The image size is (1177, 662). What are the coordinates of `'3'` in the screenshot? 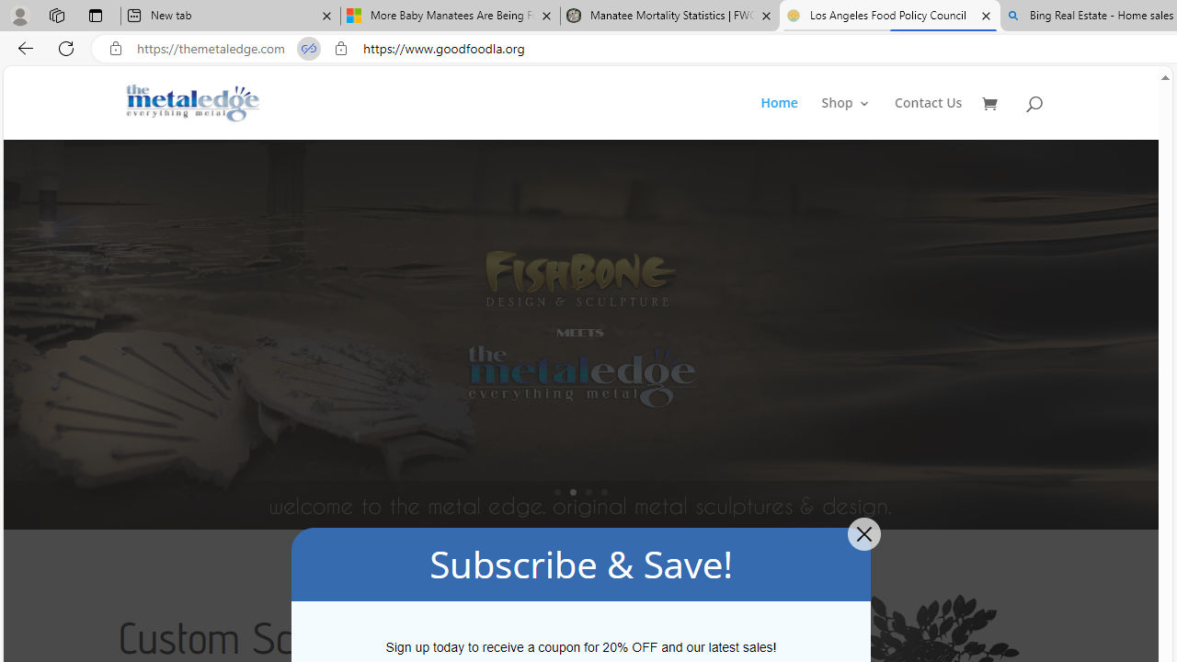 It's located at (588, 491).